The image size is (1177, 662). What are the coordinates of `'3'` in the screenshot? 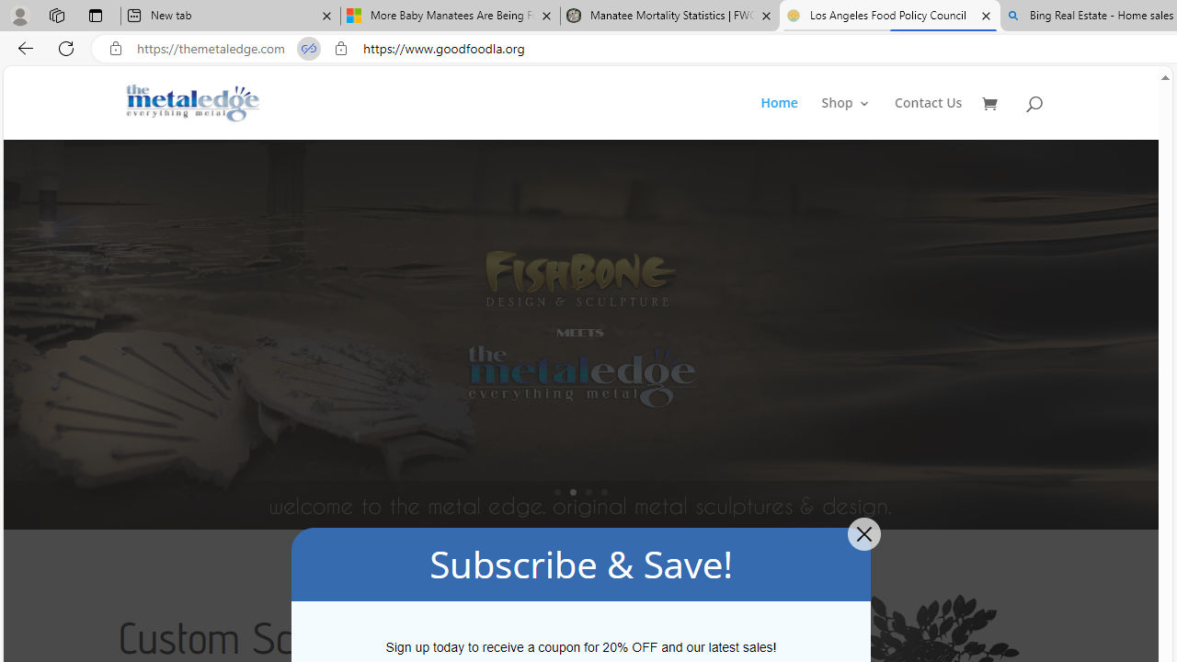 It's located at (588, 491).